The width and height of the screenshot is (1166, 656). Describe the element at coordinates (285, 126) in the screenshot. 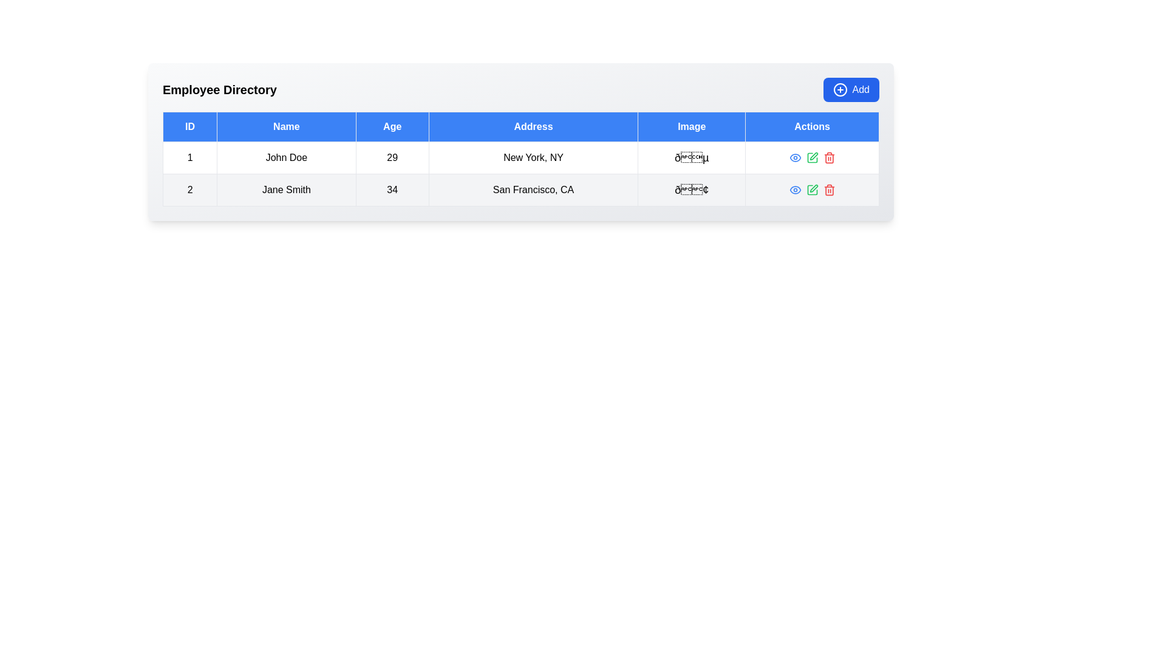

I see `the text 'Name' in the blue rectangular table header positioned between the 'ID' and 'Age' headers` at that location.